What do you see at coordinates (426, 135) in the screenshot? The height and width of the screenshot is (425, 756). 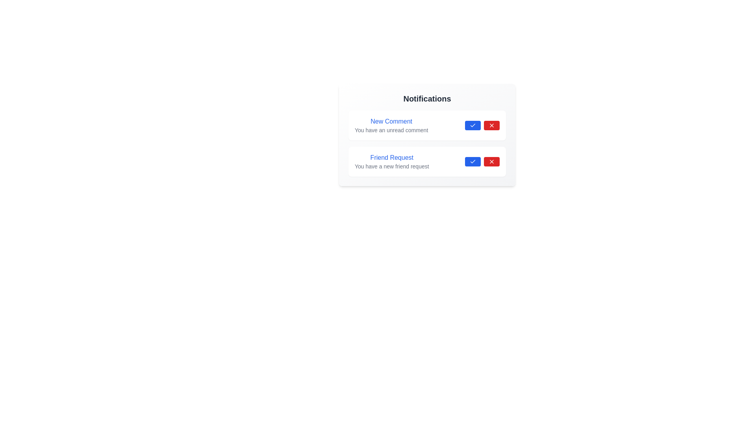 I see `the notifications panel, which features a gradient background, rounded corners, and contains a heading labeled 'Notifications' along with interactive buttons for 'New Comment' and 'Friend Request'` at bounding box center [426, 135].